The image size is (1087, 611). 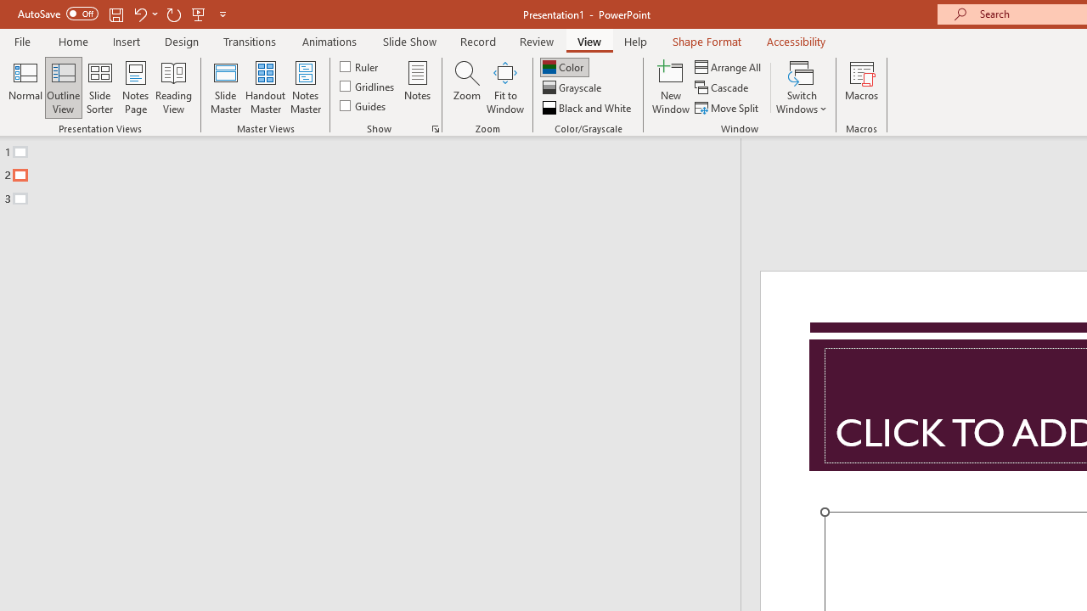 I want to click on 'Ruler', so click(x=359, y=65).